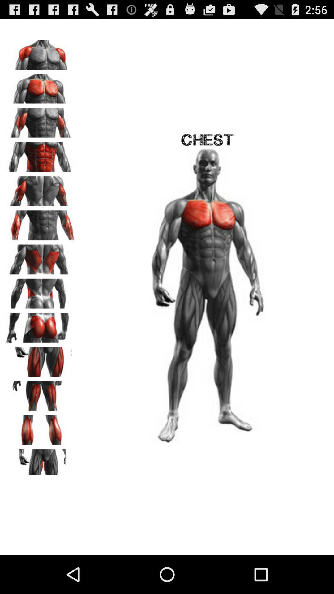 Image resolution: width=334 pixels, height=594 pixels. Describe the element at coordinates (41, 257) in the screenshot. I see `different muscle group` at that location.